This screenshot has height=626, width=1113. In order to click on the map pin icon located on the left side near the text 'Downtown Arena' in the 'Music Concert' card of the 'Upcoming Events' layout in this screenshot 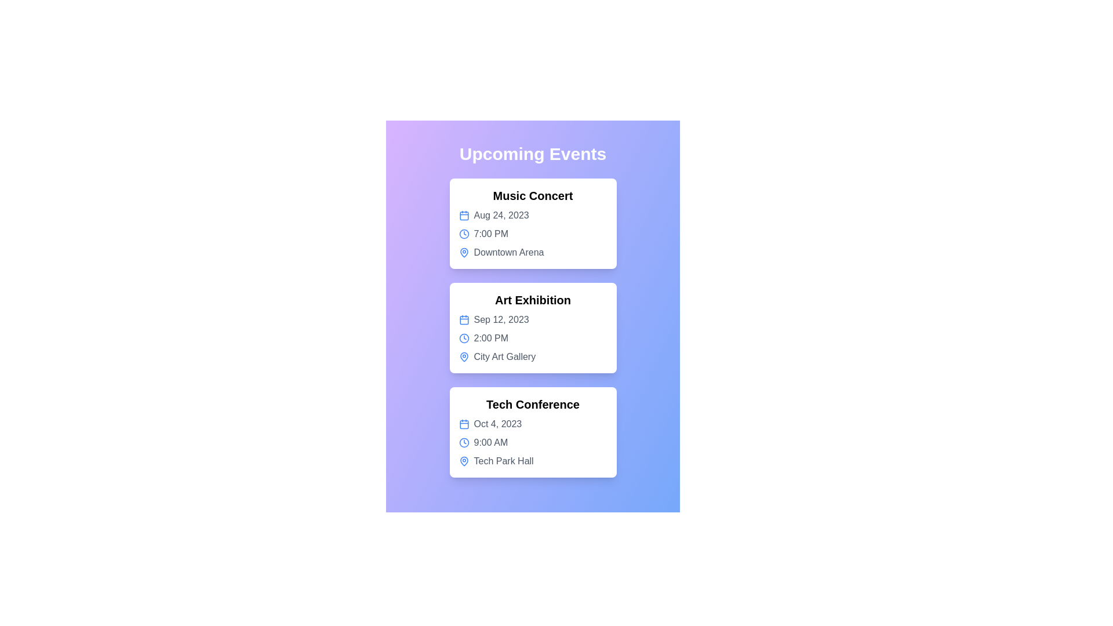, I will do `click(464, 252)`.